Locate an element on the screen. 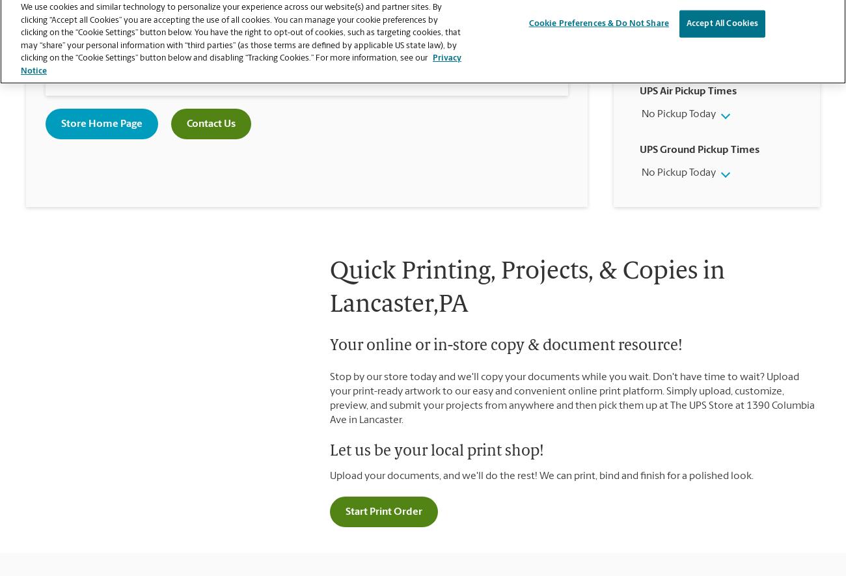 The height and width of the screenshot is (576, 846). 'Let us be your local print shop!' is located at coordinates (436, 451).